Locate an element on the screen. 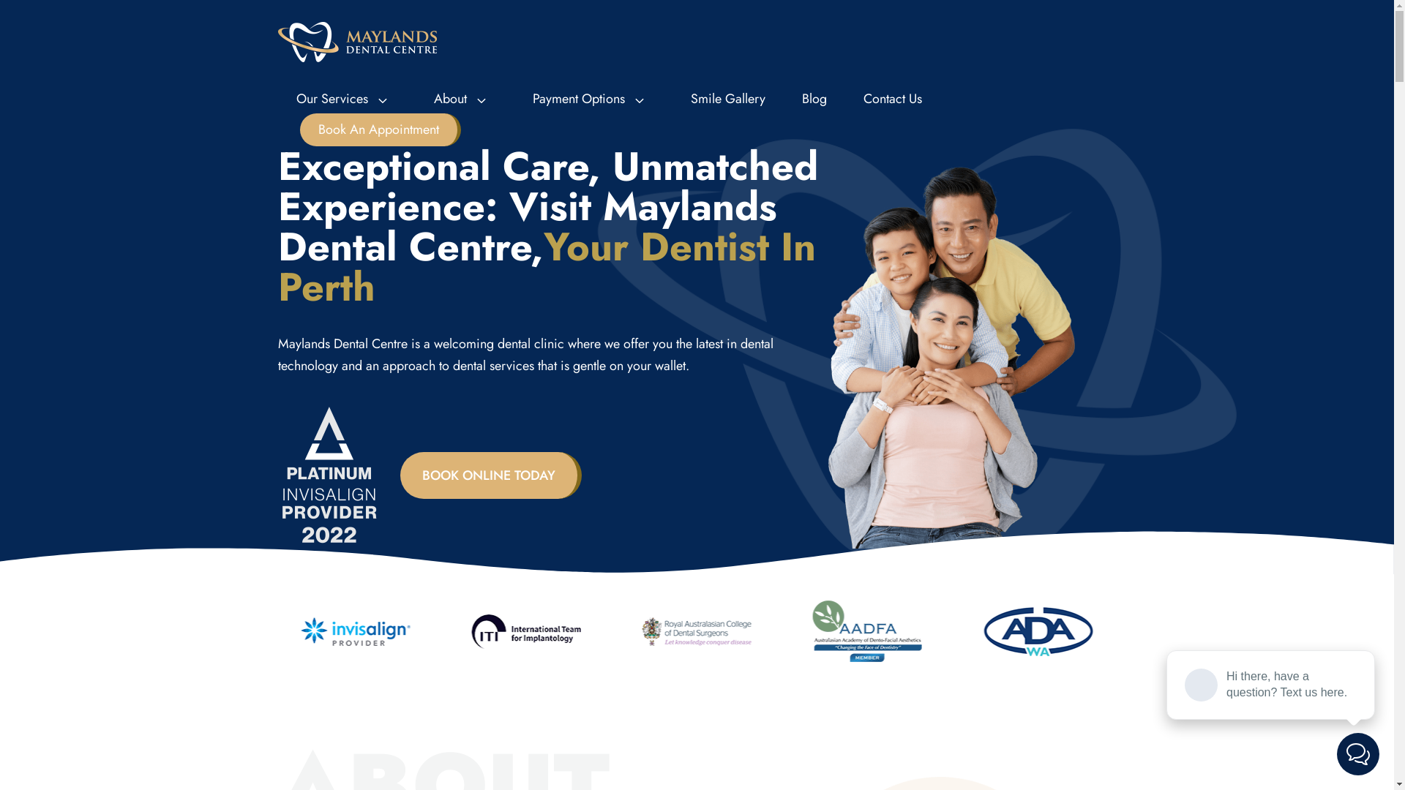  'Perth Dentist' is located at coordinates (357, 40).